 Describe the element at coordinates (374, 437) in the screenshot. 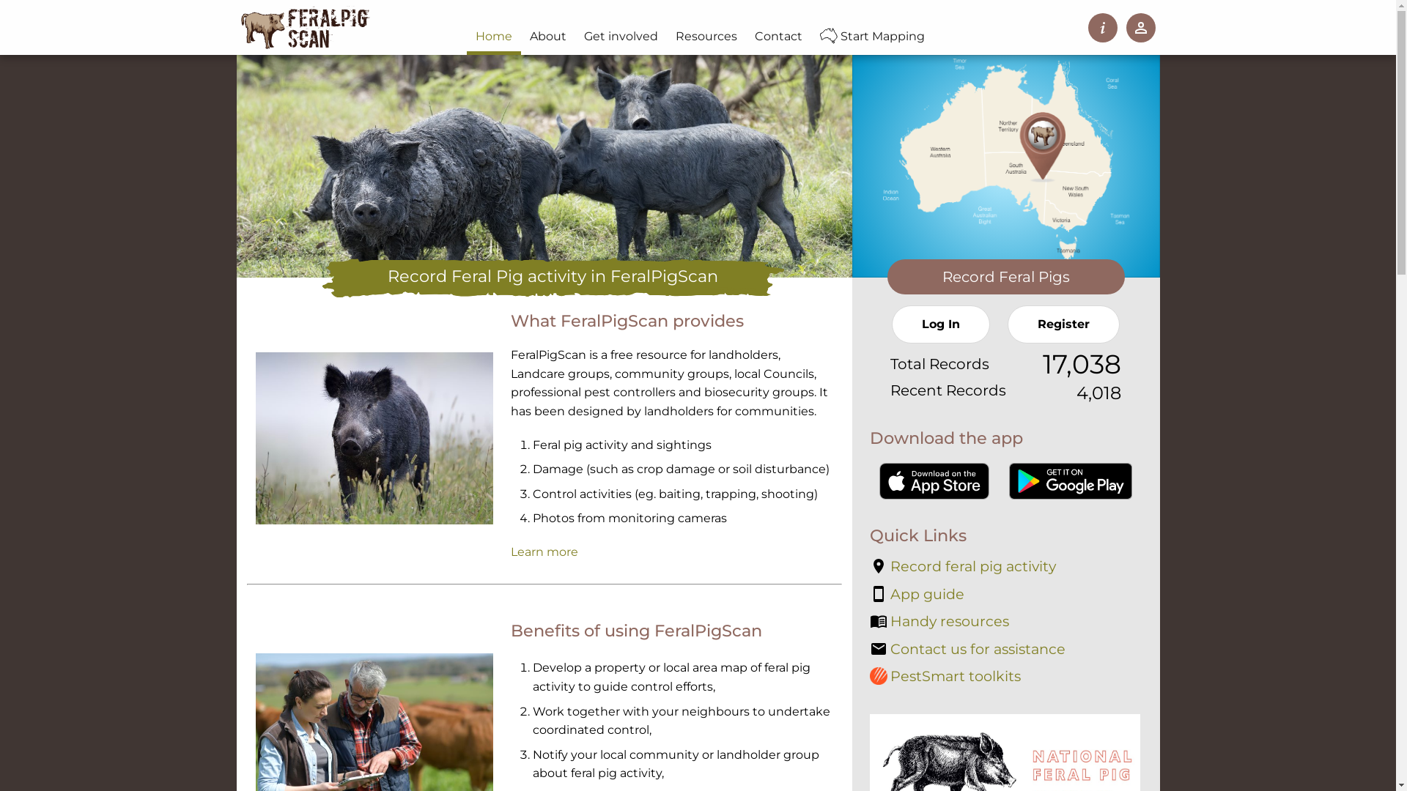

I see `'Record sightings or evidence of feral pigs. Source: B Jevtic'` at that location.